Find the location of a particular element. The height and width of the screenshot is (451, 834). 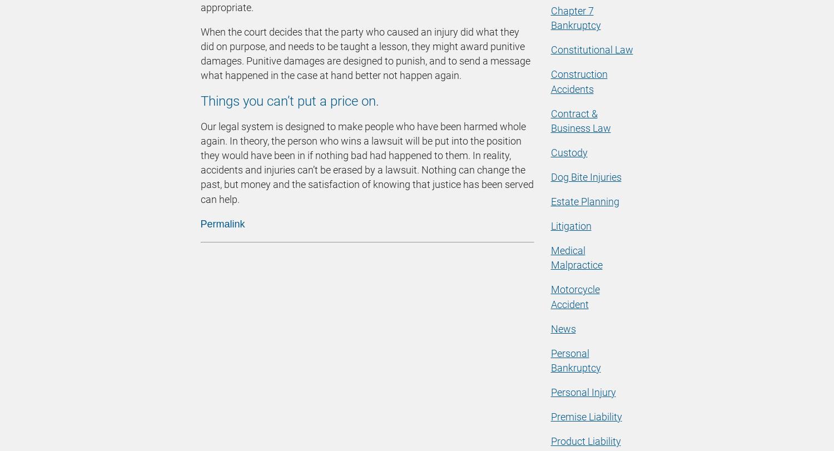

'Personal Bankruptcy' is located at coordinates (575, 359).